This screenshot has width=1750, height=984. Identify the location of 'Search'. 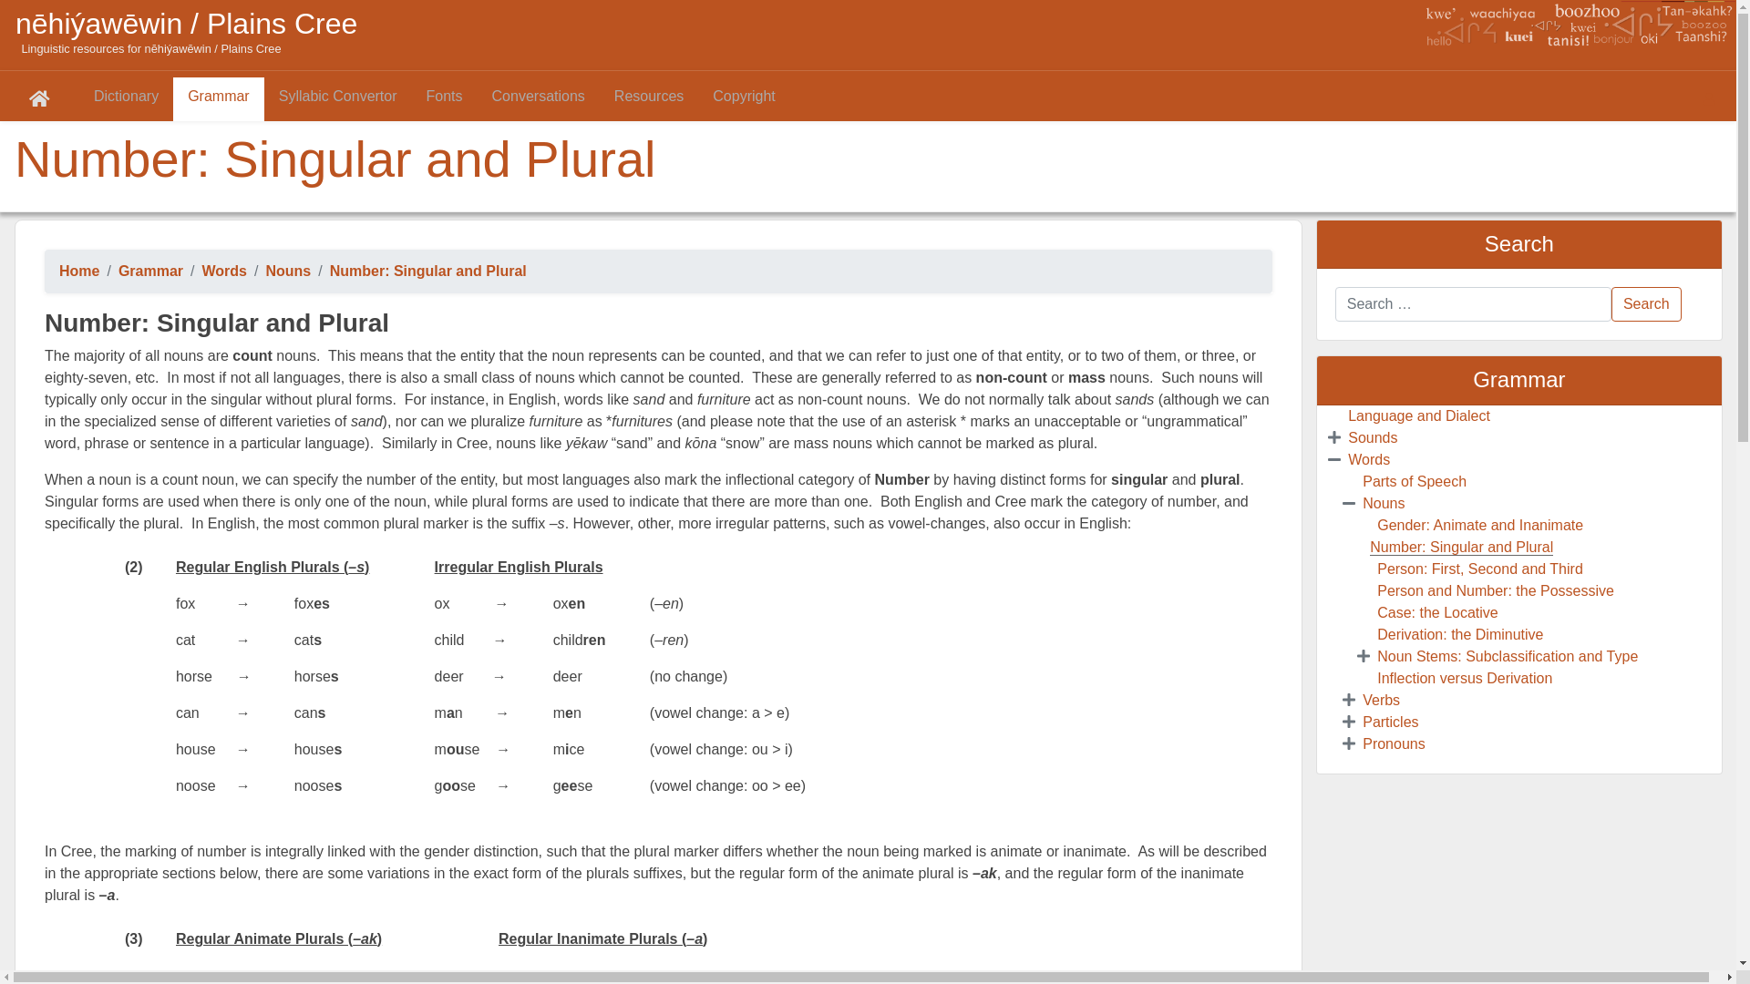
(1646, 303).